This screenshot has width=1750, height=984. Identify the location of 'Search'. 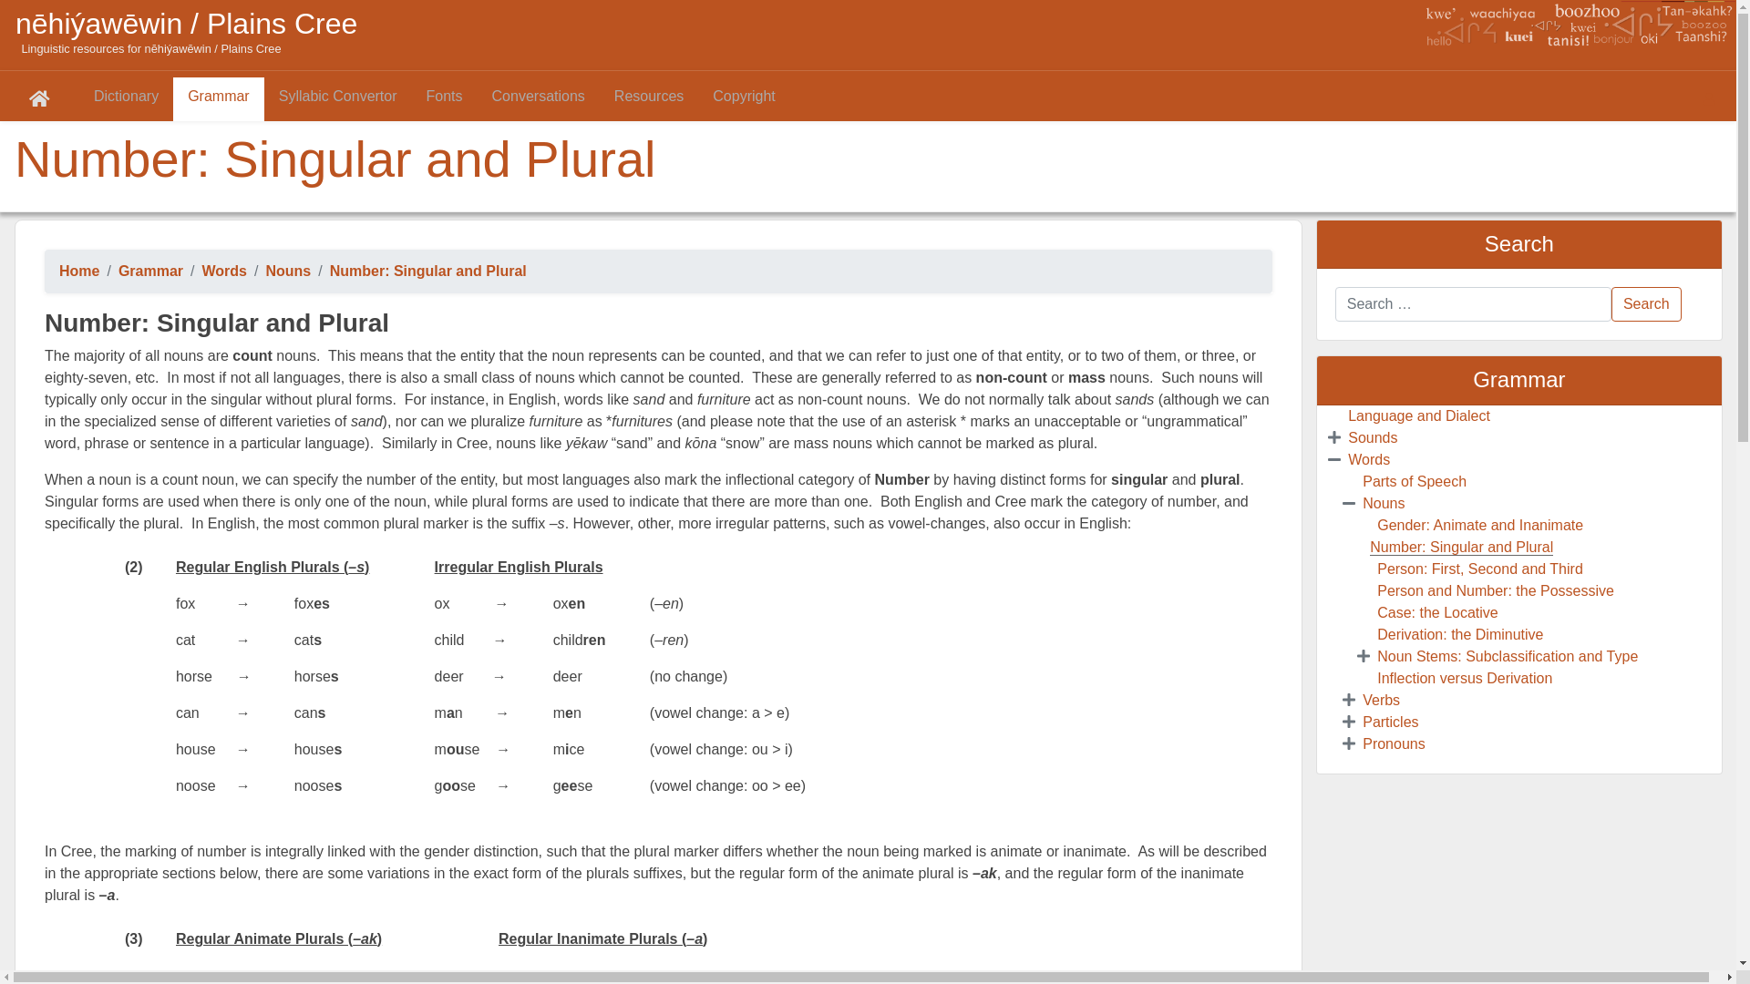
(1646, 303).